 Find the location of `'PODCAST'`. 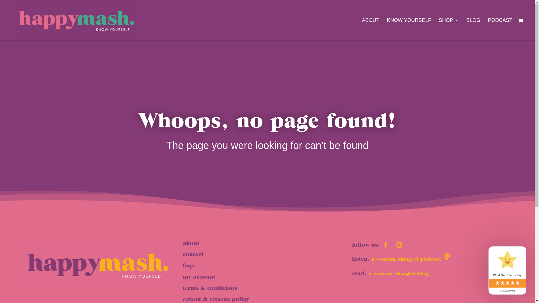

'PODCAST' is located at coordinates (500, 29).